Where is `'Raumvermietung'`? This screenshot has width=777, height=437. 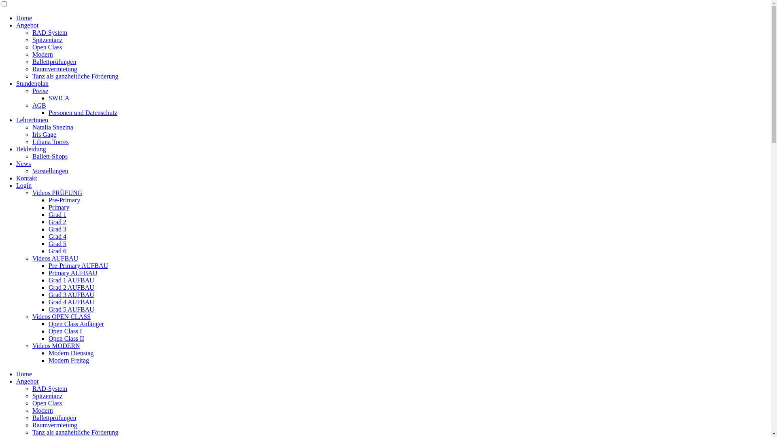
'Raumvermietung' is located at coordinates (32, 68).